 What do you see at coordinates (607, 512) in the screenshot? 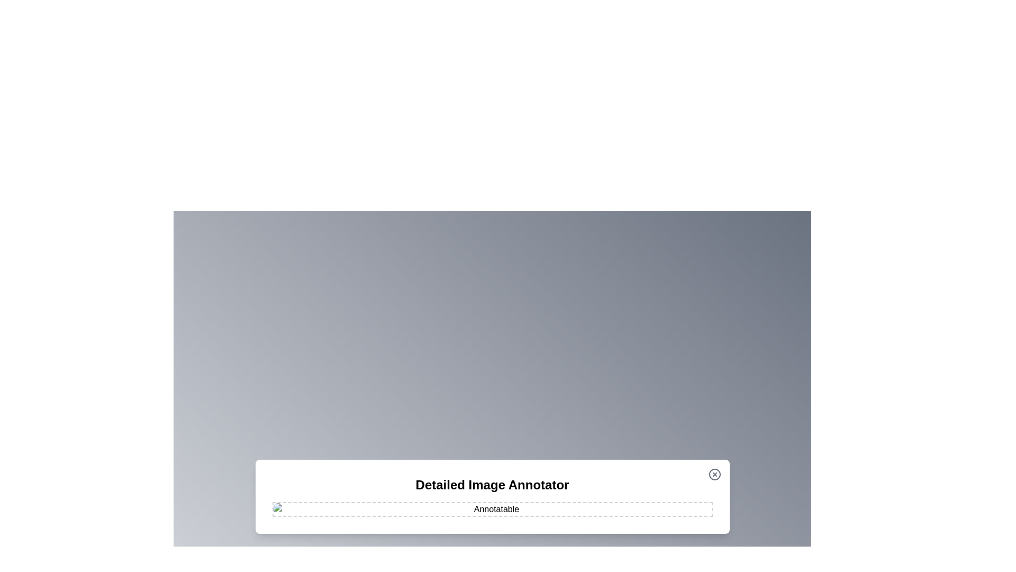
I see `the image at coordinates (1147, 968) to add an annotation` at bounding box center [607, 512].